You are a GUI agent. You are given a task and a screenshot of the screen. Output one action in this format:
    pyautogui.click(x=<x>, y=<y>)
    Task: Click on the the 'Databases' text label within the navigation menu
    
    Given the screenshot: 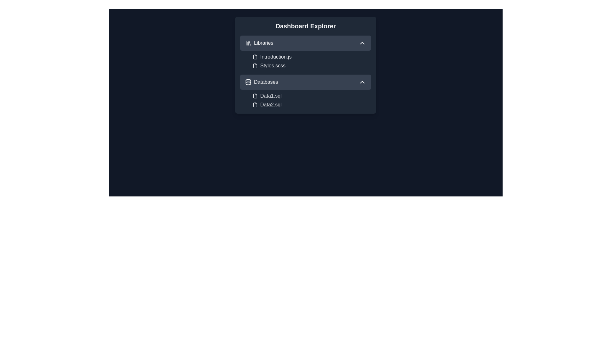 What is the action you would take?
    pyautogui.click(x=266, y=82)
    